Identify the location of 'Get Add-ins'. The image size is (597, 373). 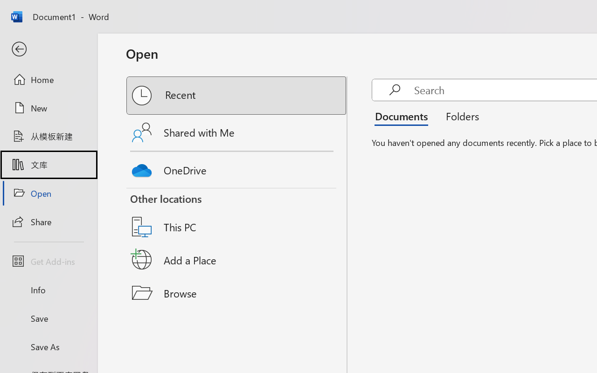
(48, 261).